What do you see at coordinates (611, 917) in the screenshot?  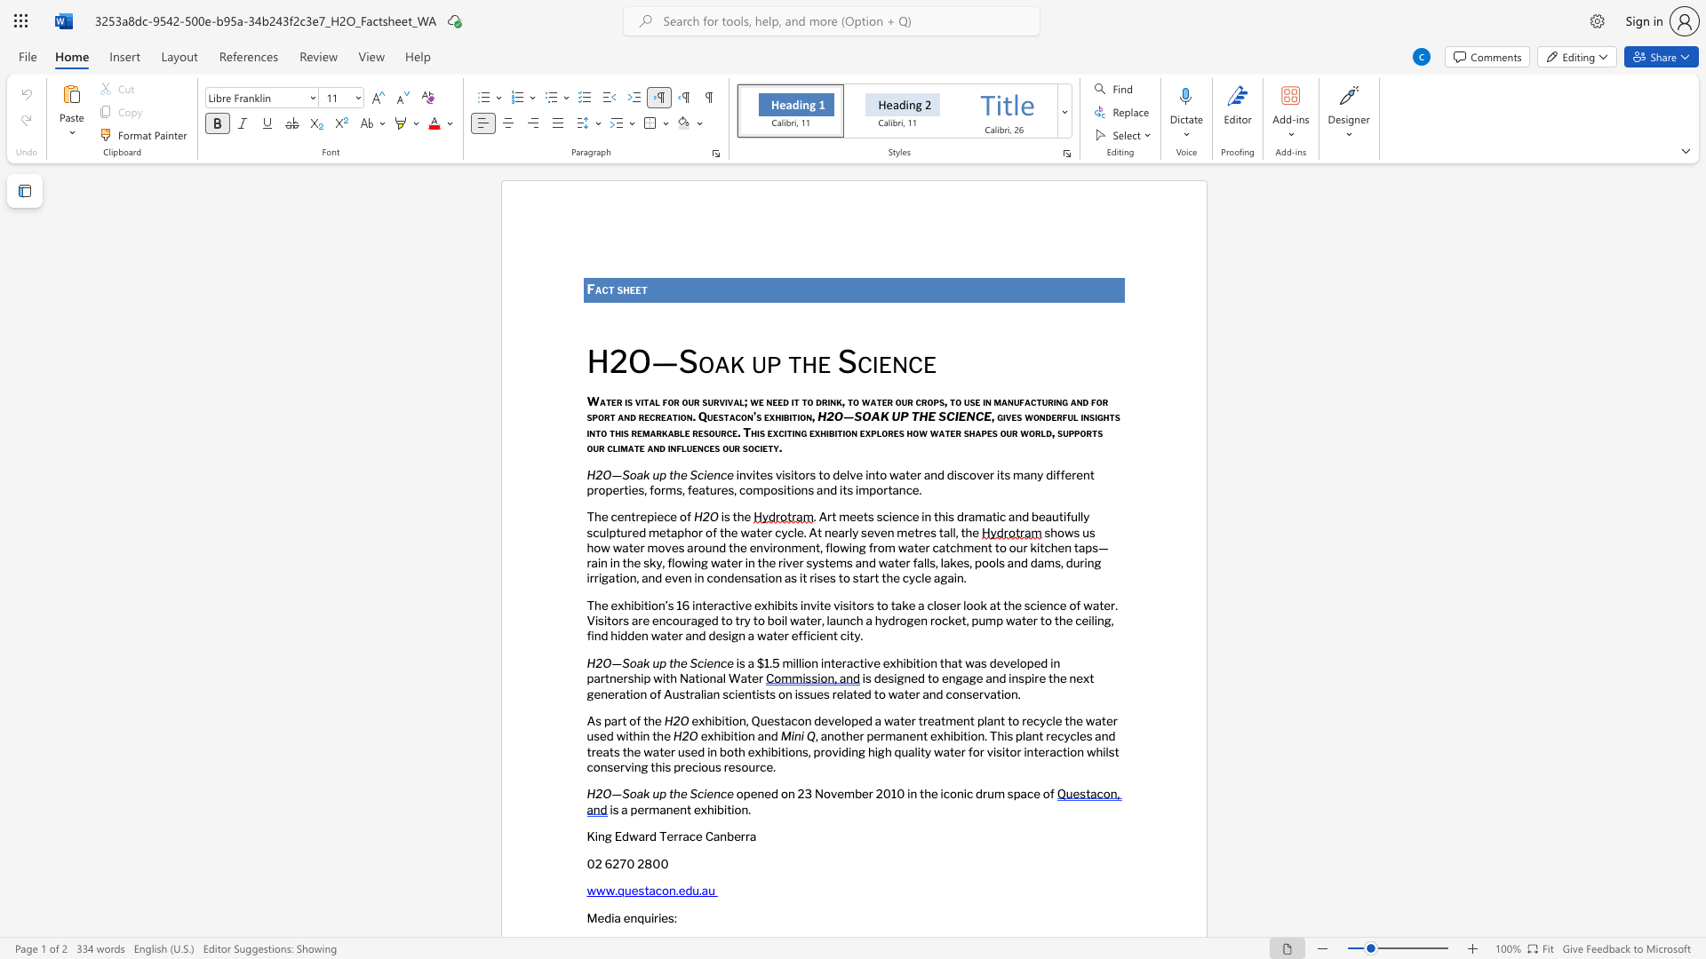 I see `the subset text "ia" within the text "Media enquiries:"` at bounding box center [611, 917].